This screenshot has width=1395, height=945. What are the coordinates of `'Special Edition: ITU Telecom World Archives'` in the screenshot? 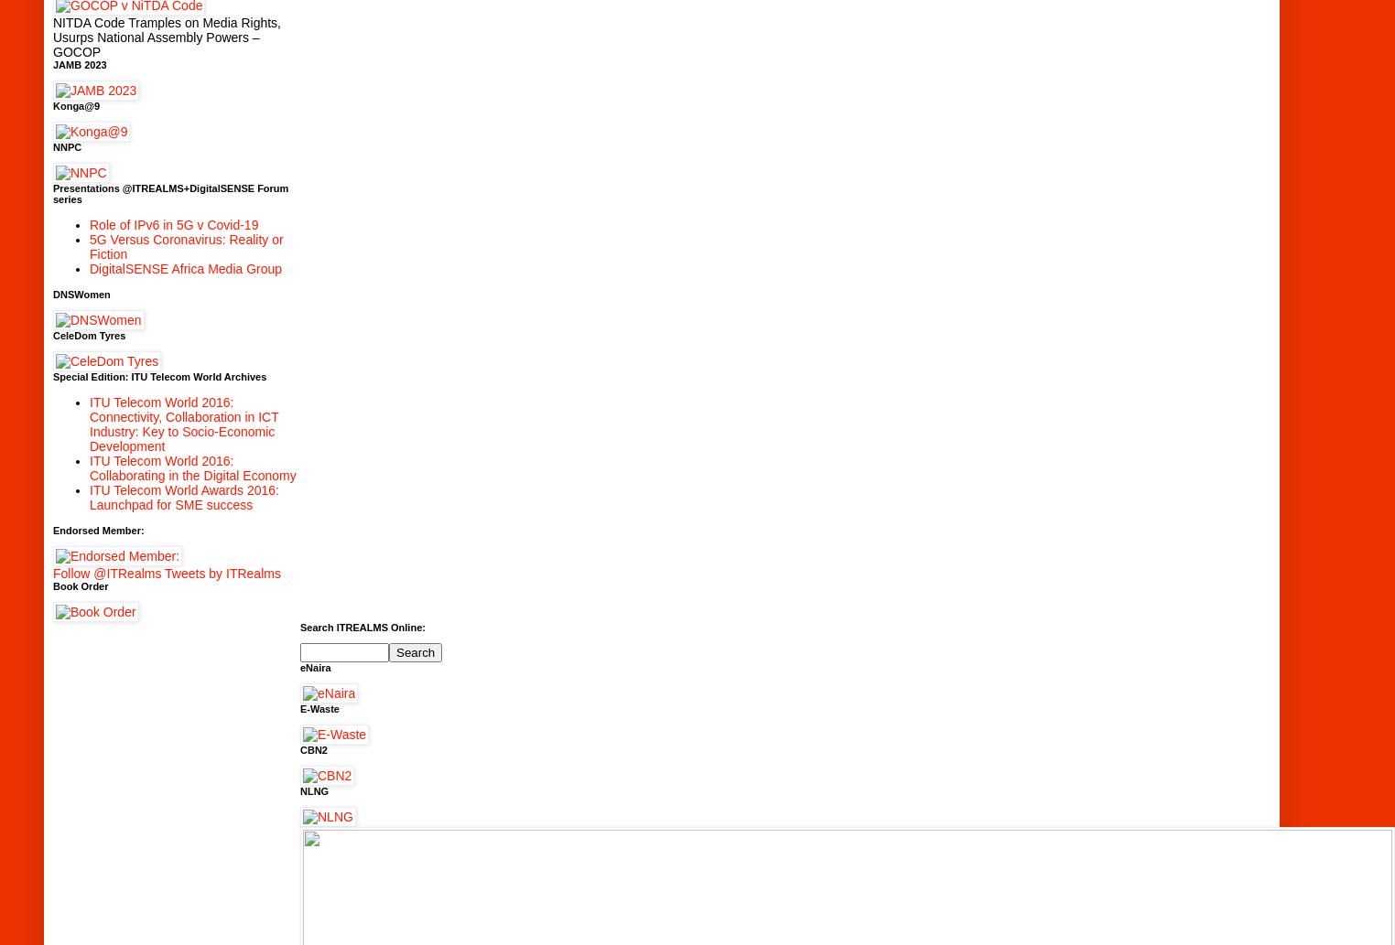 It's located at (158, 376).